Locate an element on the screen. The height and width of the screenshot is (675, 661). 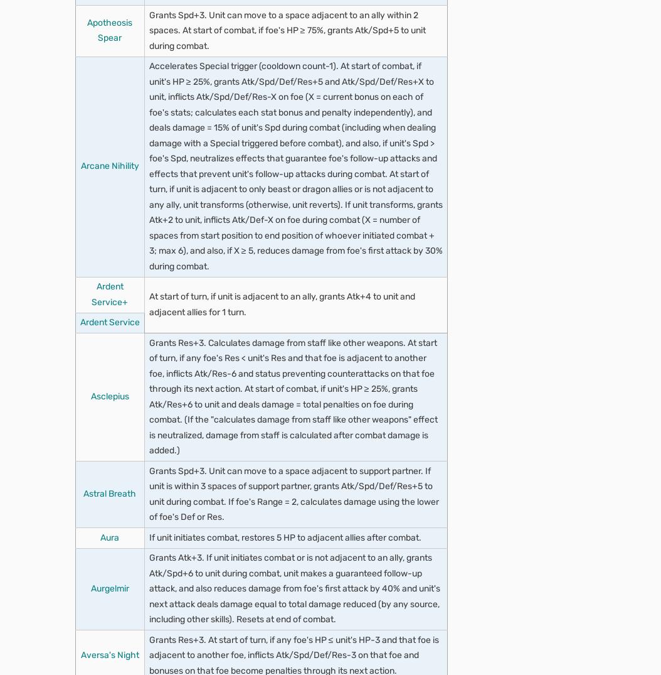
'【Panic】' is located at coordinates (182, 337).